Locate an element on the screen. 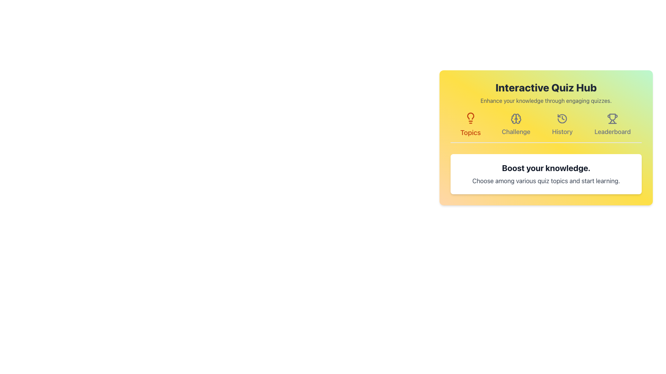  the text element that says 'Boost your knowledge.' which is prominently displayed in a card with a white background, located near the top-center of the card towards the middle-right of the interface is located at coordinates (546, 168).